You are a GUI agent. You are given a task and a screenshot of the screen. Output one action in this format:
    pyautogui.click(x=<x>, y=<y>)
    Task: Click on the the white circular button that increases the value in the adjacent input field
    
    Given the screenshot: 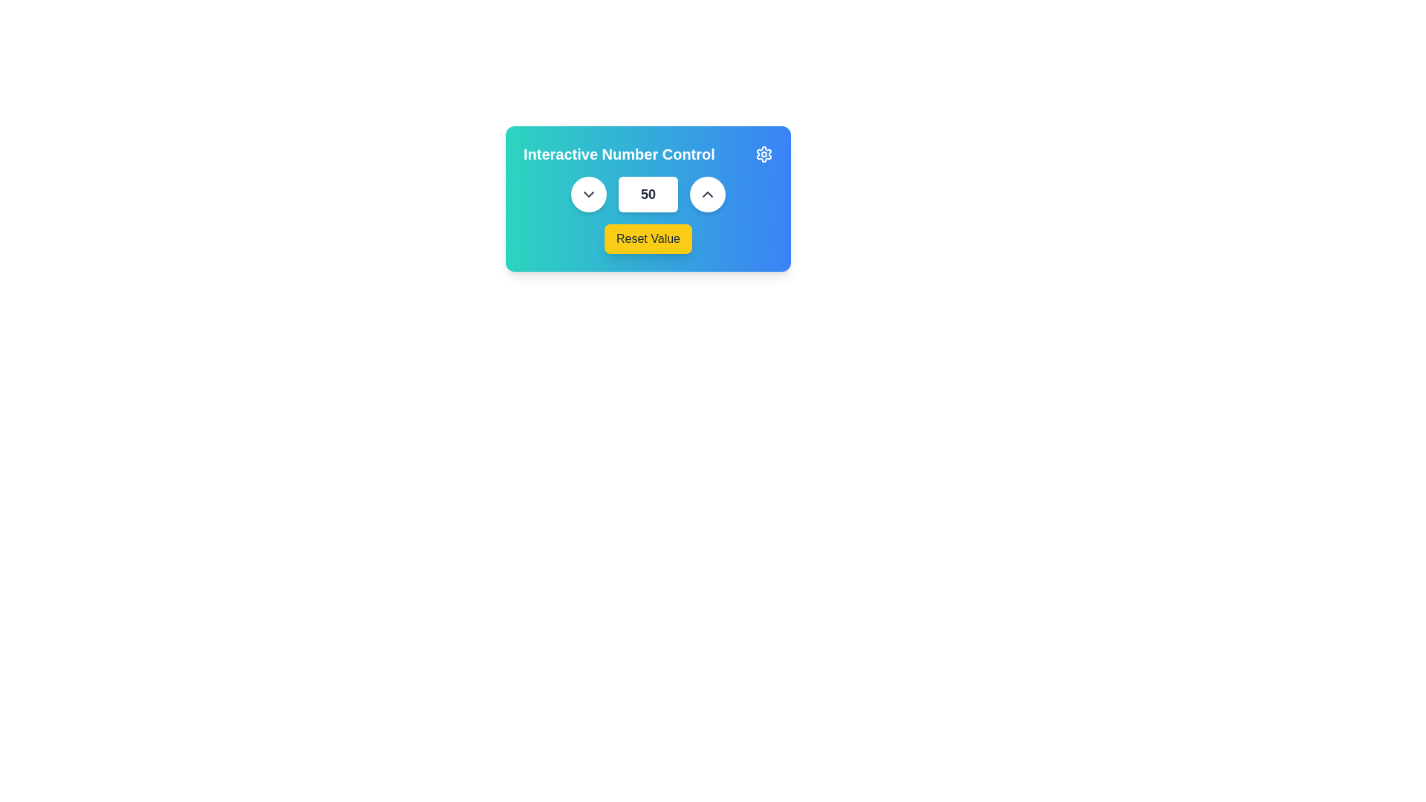 What is the action you would take?
    pyautogui.click(x=707, y=194)
    